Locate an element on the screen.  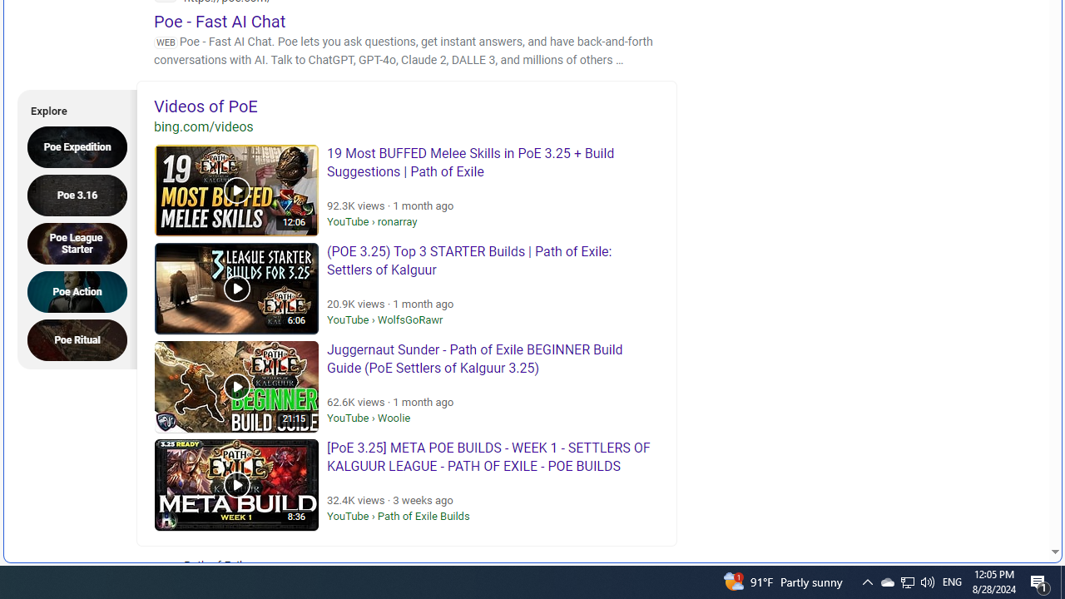
'Explore' is located at coordinates (72, 108).